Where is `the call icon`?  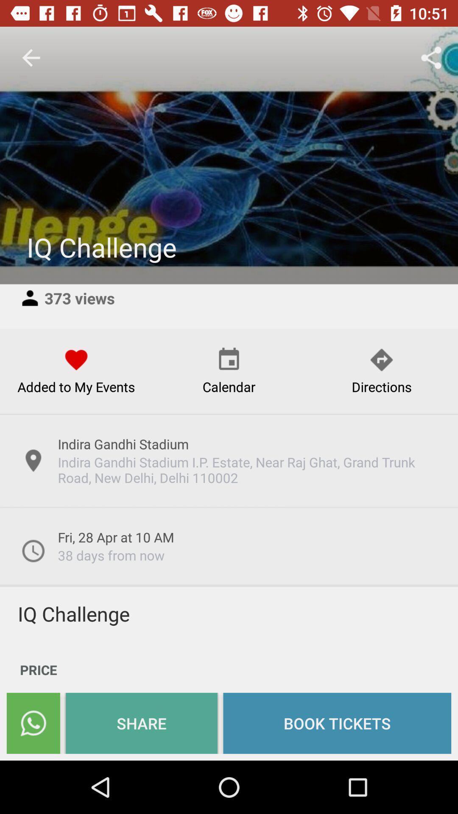 the call icon is located at coordinates (33, 723).